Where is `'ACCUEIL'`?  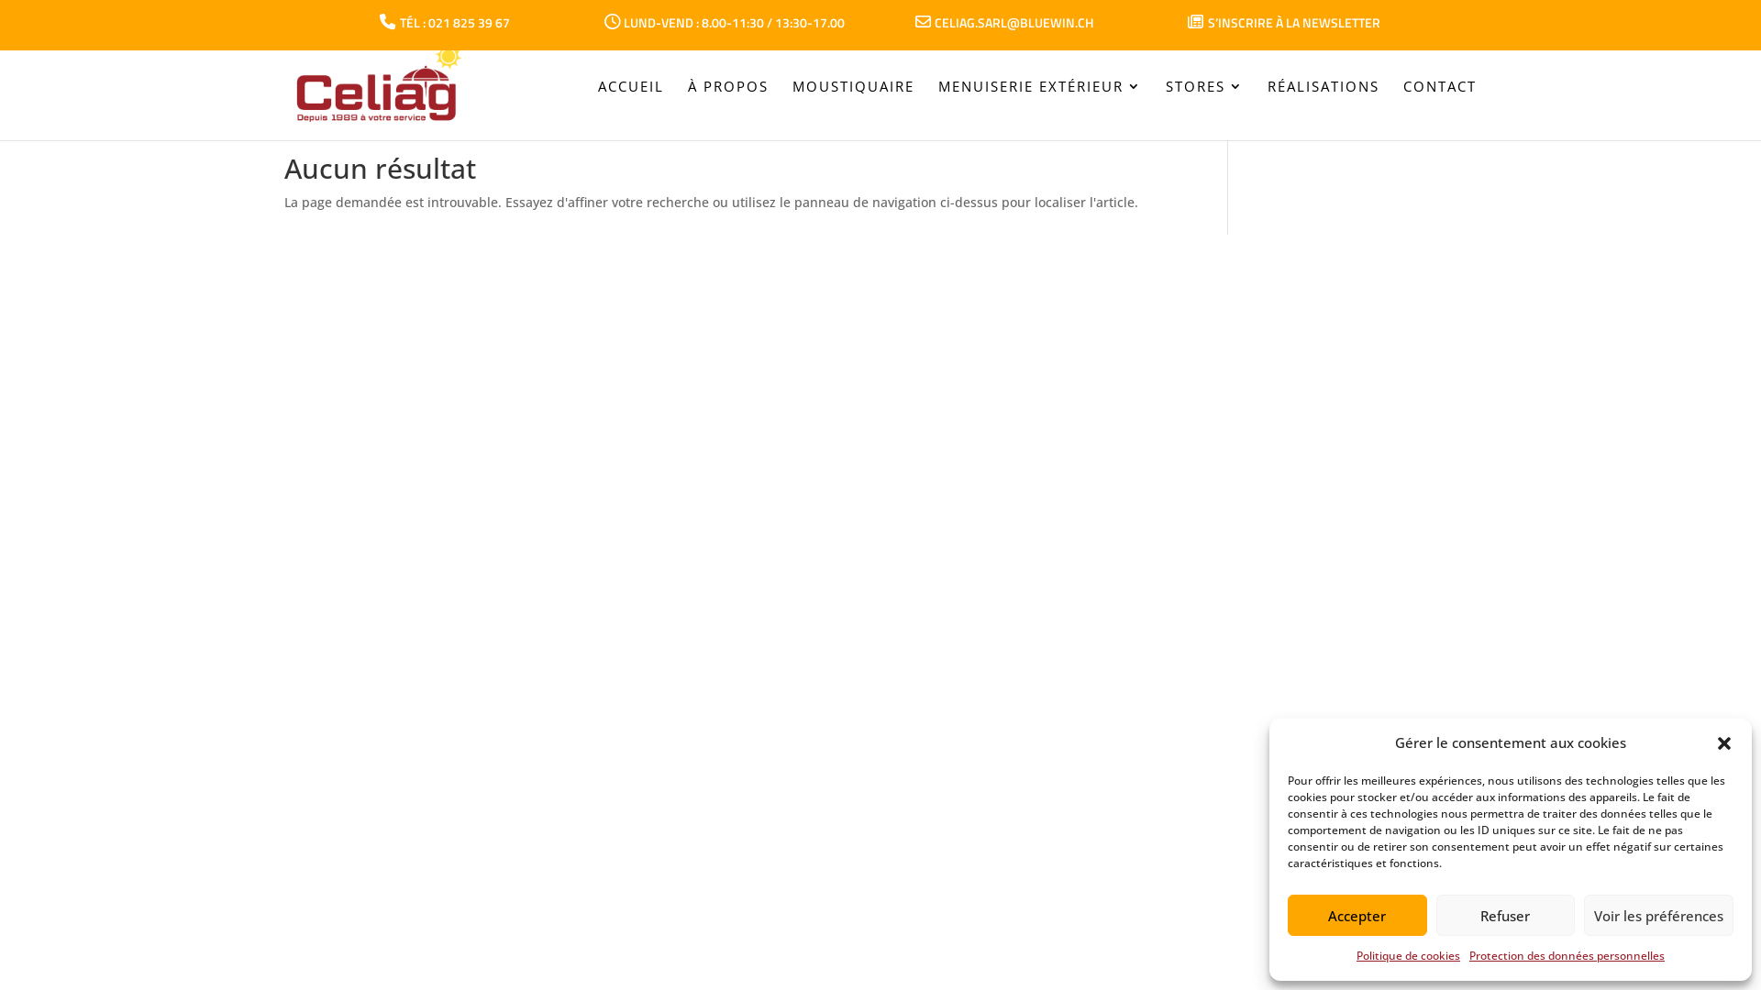 'ACCUEIL' is located at coordinates (598, 113).